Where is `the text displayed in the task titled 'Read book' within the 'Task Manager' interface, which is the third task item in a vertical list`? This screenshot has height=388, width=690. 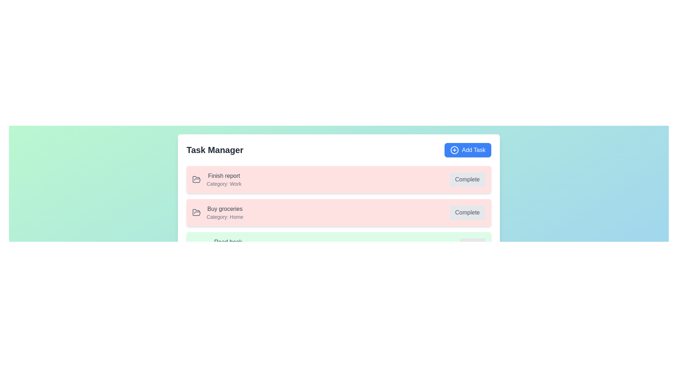
the text displayed in the task titled 'Read book' within the 'Task Manager' interface, which is the third task item in a vertical list is located at coordinates (227, 245).